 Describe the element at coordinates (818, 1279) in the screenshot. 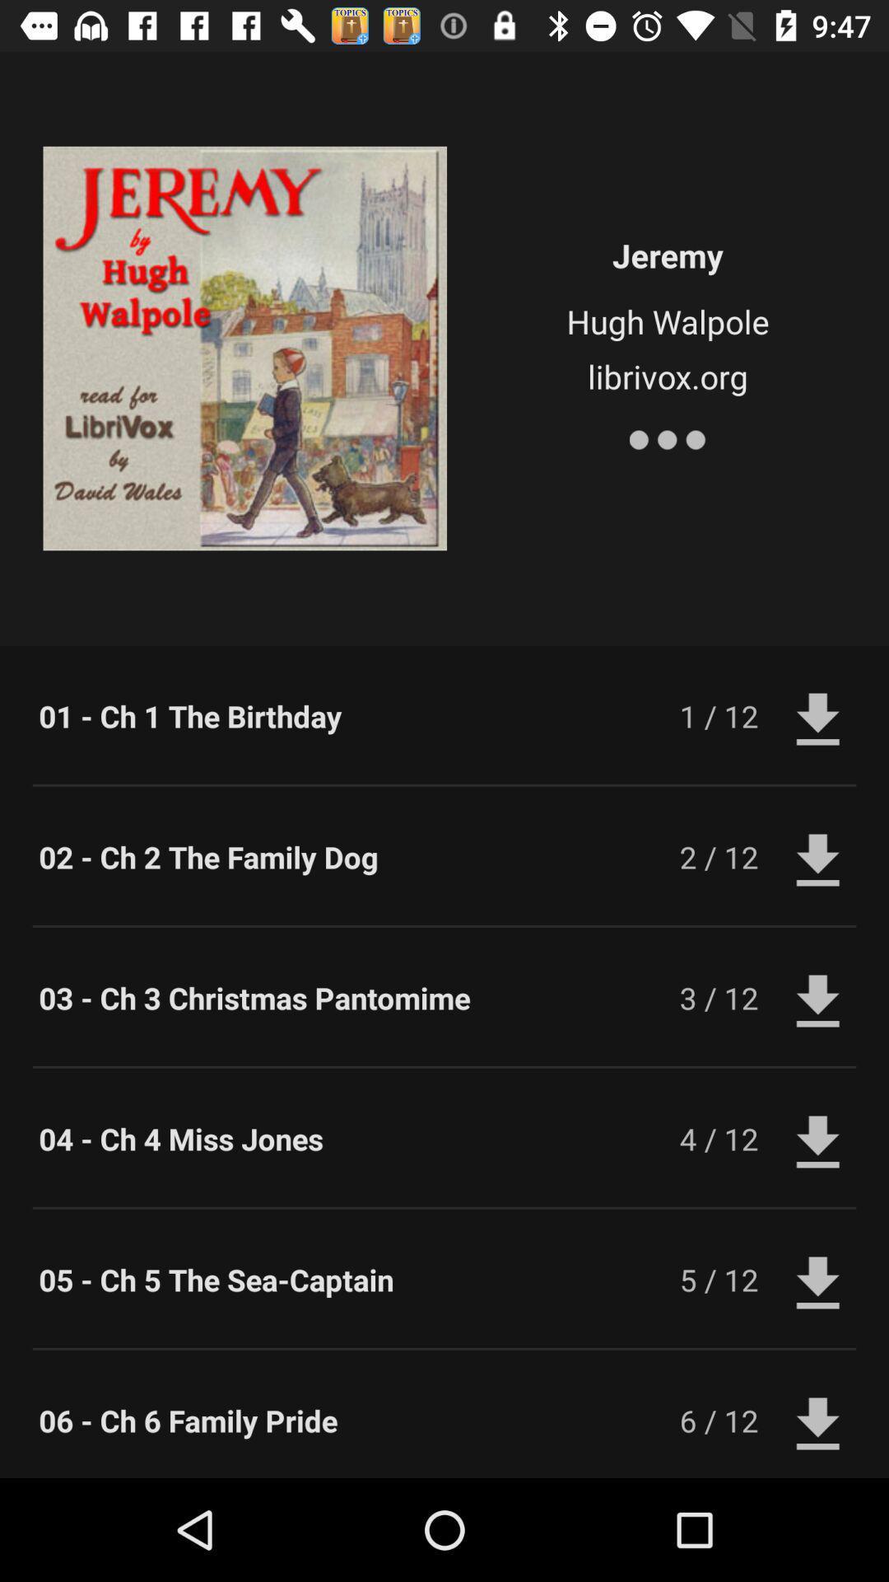

I see `download button next to 5  12` at that location.